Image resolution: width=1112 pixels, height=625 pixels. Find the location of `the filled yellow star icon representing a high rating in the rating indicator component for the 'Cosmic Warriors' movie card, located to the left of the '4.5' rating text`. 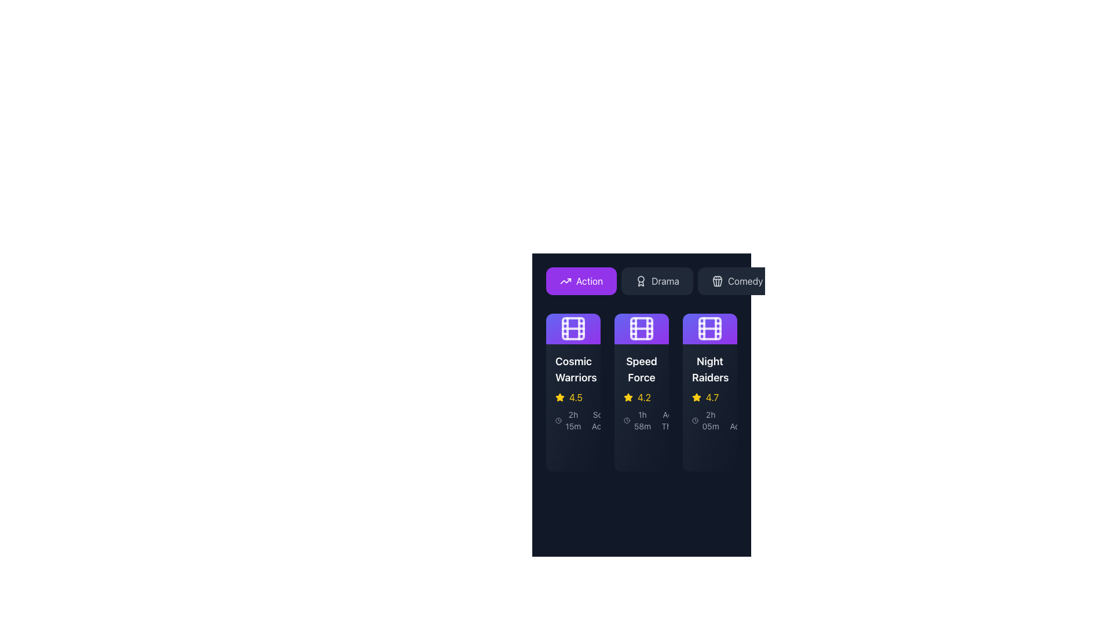

the filled yellow star icon representing a high rating in the rating indicator component for the 'Cosmic Warriors' movie card, located to the left of the '4.5' rating text is located at coordinates (559, 396).